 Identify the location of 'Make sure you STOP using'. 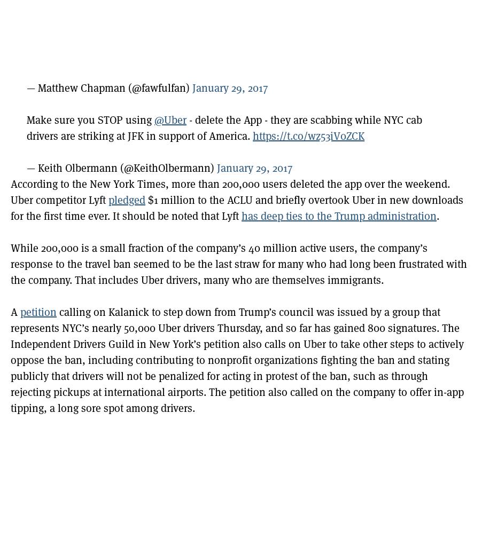
(90, 120).